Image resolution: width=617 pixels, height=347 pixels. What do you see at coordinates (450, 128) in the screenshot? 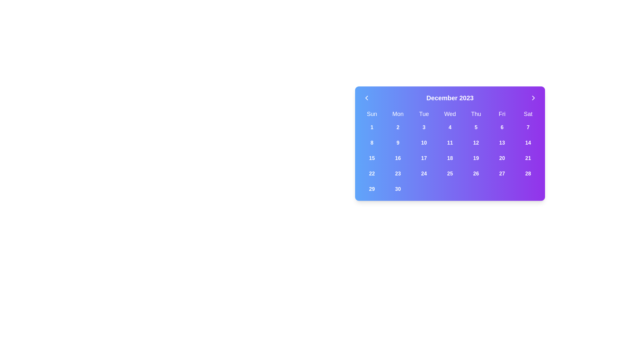
I see `the selectable date '4' in the calendar, positioned under the day label 'Wed'` at bounding box center [450, 128].